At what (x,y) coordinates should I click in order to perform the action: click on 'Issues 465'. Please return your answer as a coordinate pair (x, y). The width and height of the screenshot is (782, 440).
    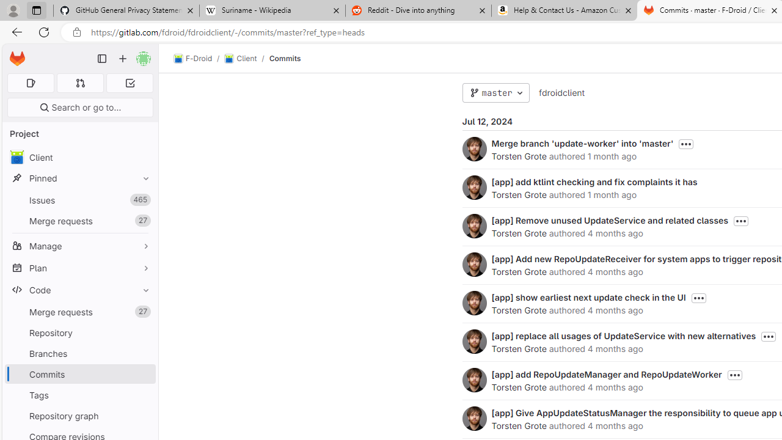
    Looking at the image, I should click on (79, 199).